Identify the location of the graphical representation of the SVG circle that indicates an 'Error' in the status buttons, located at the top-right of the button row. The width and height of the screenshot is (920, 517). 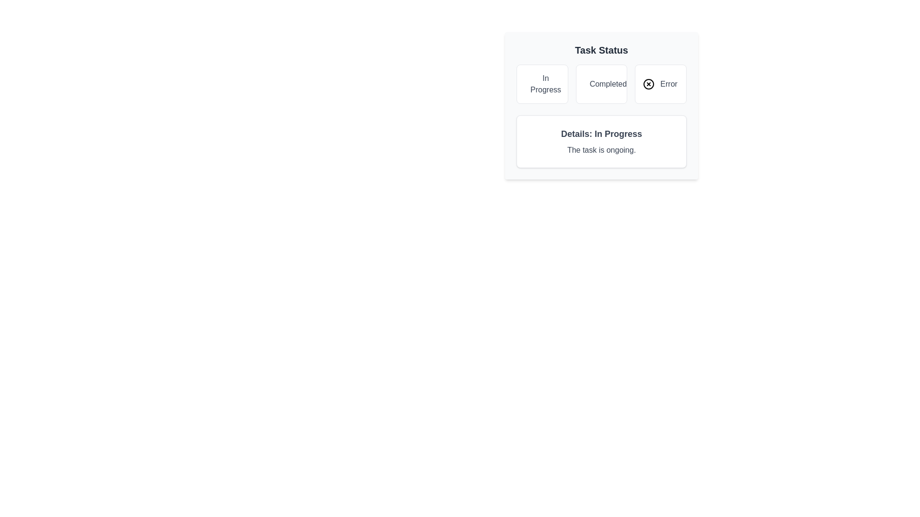
(649, 84).